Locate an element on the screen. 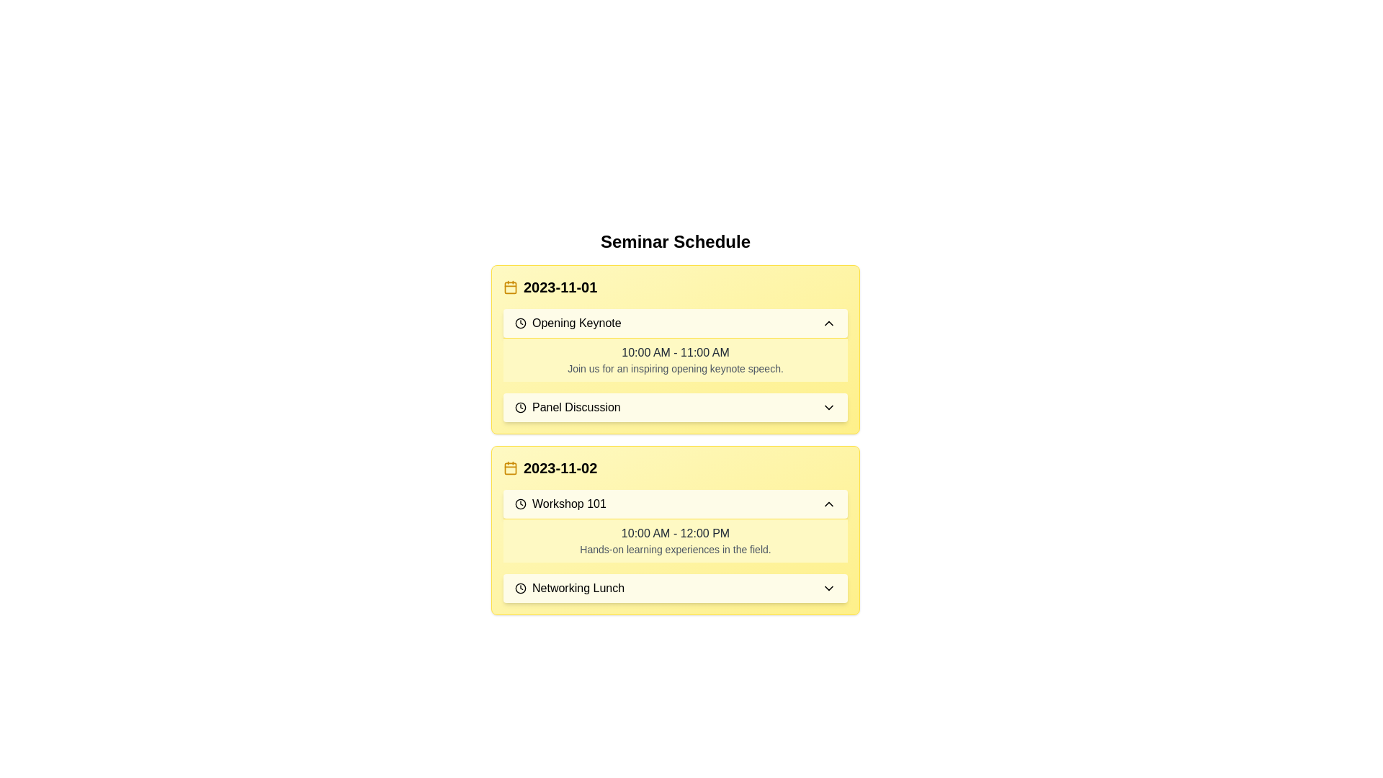  the rounded rectangle within the SVG element that is part of the calendar icon located to the left of the date '2023-11-01' is located at coordinates (511, 287).